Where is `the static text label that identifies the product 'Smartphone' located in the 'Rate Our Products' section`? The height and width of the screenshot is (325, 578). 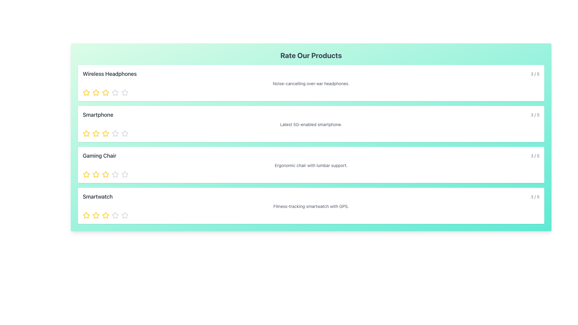 the static text label that identifies the product 'Smartphone' located in the 'Rate Our Products' section is located at coordinates (98, 115).